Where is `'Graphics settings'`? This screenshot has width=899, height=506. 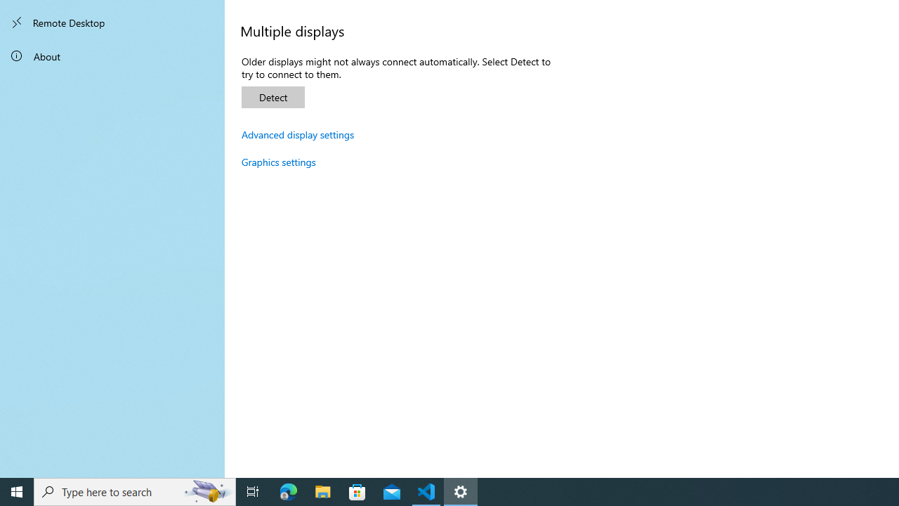 'Graphics settings' is located at coordinates (279, 161).